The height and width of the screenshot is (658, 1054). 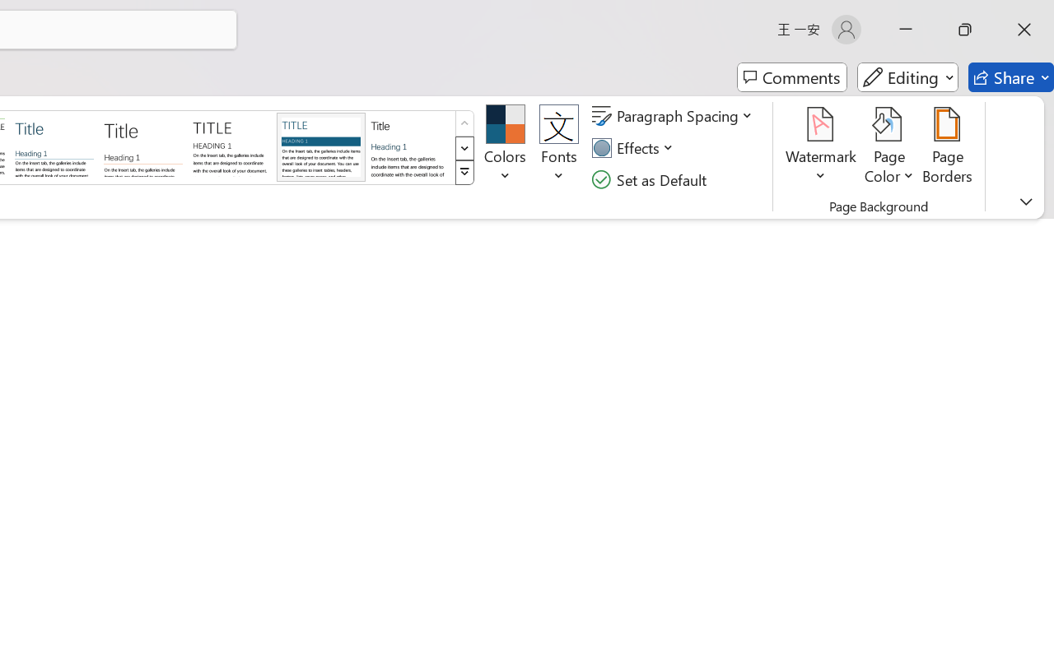 I want to click on 'Share', so click(x=1010, y=77).